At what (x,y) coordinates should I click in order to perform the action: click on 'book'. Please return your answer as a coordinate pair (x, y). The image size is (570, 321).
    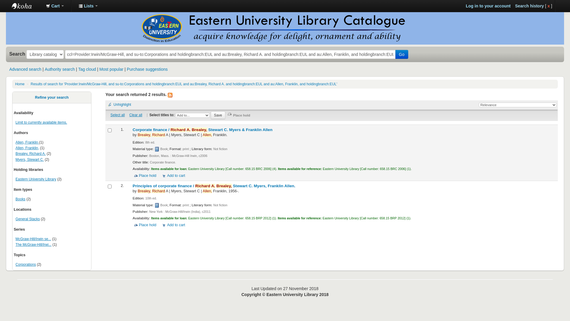
    Looking at the image, I should click on (157, 149).